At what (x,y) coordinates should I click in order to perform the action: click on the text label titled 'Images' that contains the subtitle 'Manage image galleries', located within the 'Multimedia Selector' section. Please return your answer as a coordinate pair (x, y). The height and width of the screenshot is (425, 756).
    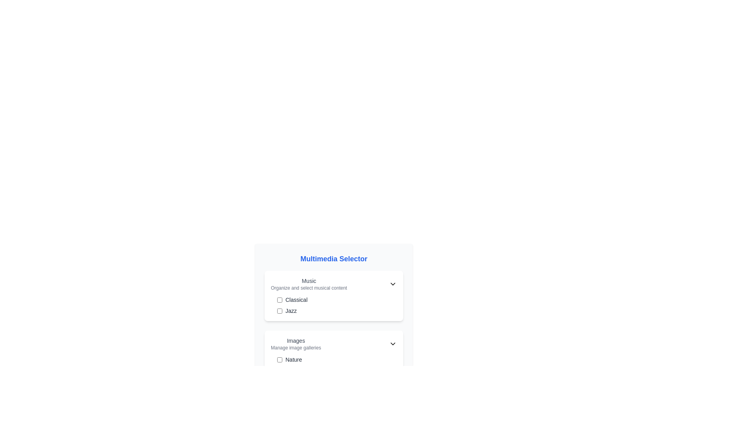
    Looking at the image, I should click on (295, 344).